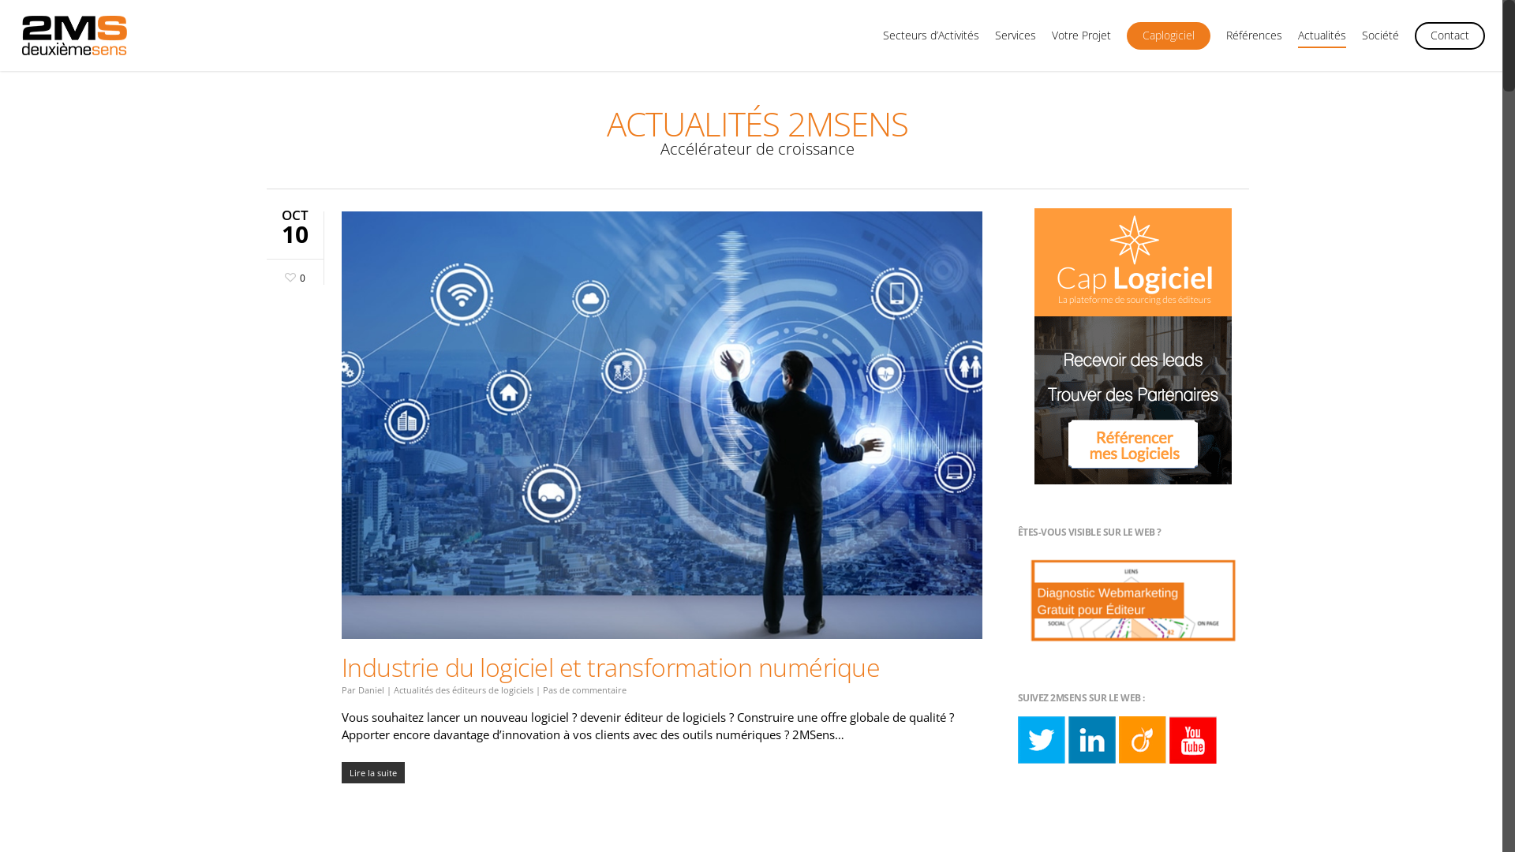  Describe the element at coordinates (583, 689) in the screenshot. I see `'Pas de commentaire'` at that location.